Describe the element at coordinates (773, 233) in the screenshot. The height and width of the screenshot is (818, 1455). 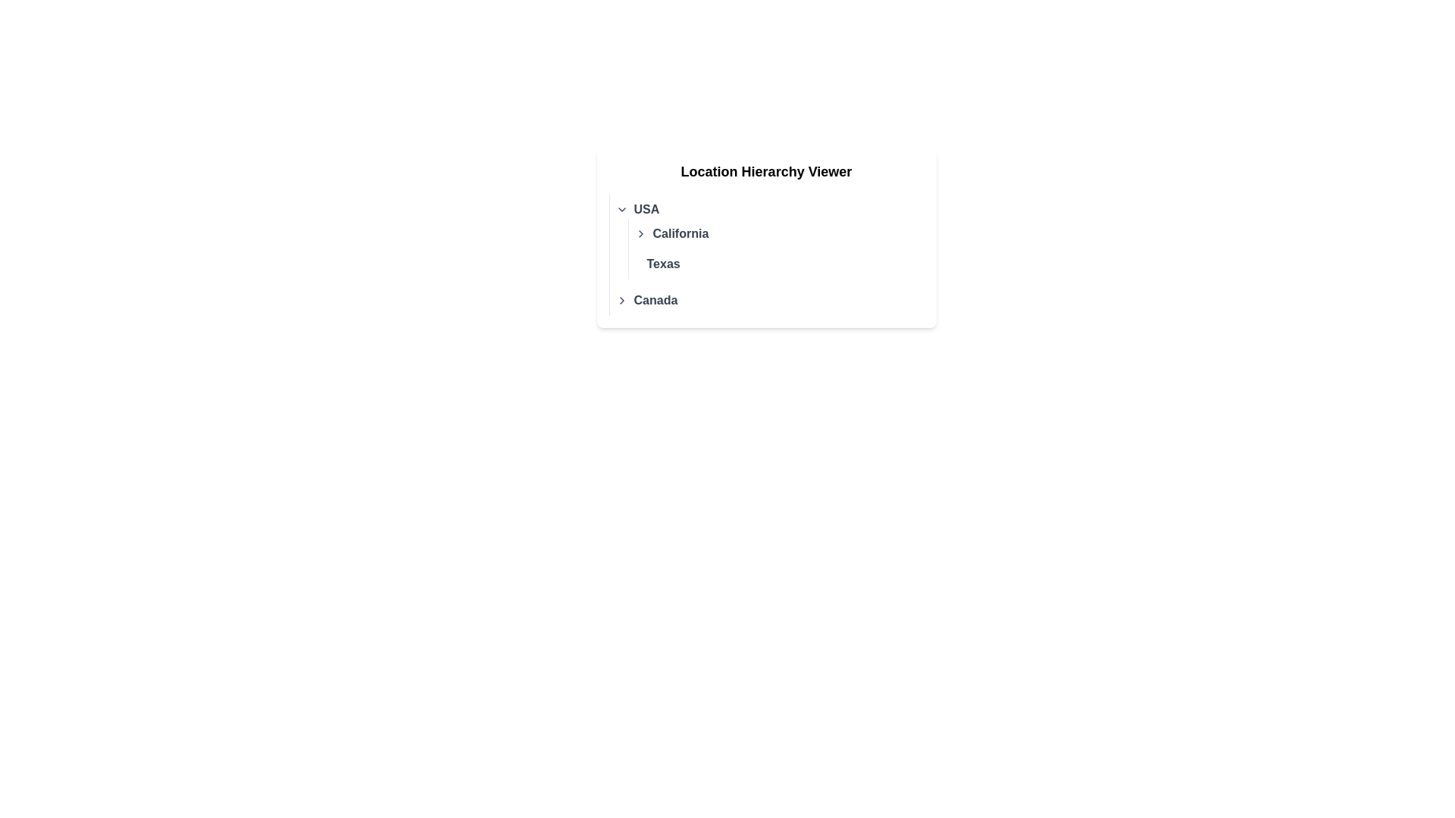
I see `the interactive hierarchical list item labeled 'California'` at that location.